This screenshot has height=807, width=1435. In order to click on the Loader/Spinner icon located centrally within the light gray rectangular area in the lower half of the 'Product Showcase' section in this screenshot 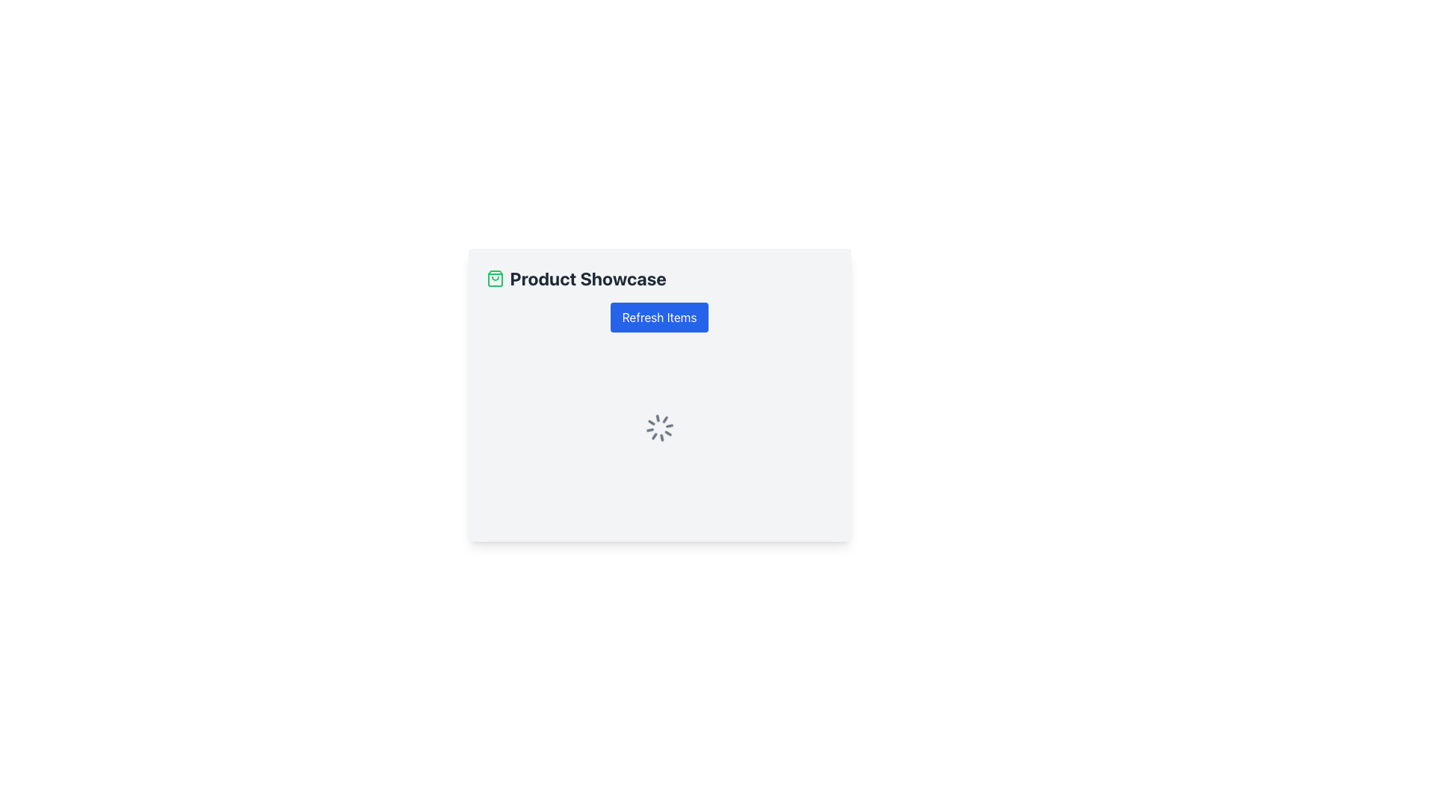, I will do `click(658, 428)`.